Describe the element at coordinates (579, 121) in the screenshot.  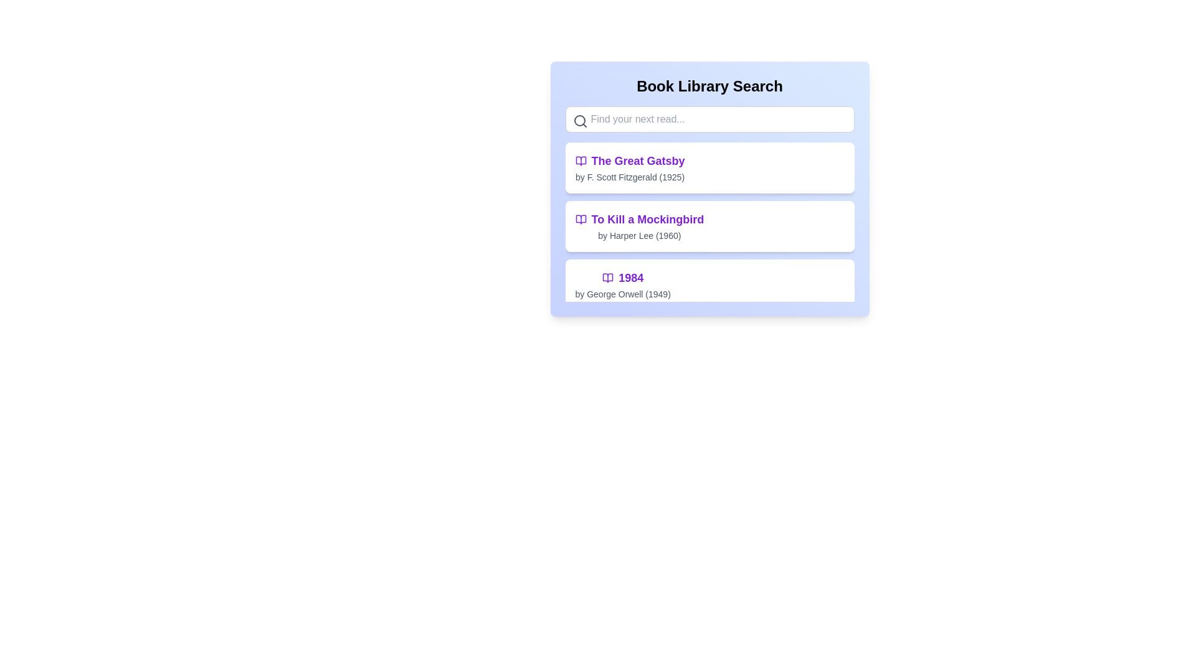
I see `the search icon located to the left of the input field, adjacent to the placeholder text 'Find your next read...'` at that location.